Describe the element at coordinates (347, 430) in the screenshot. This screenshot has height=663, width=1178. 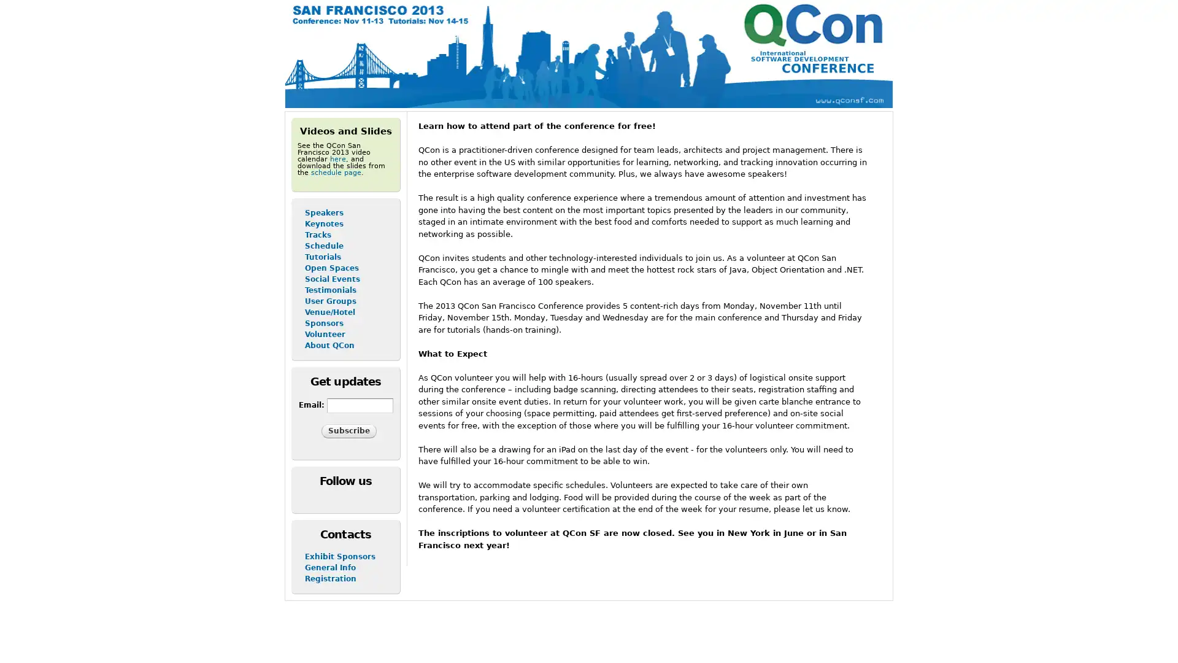
I see `Subscribe` at that location.